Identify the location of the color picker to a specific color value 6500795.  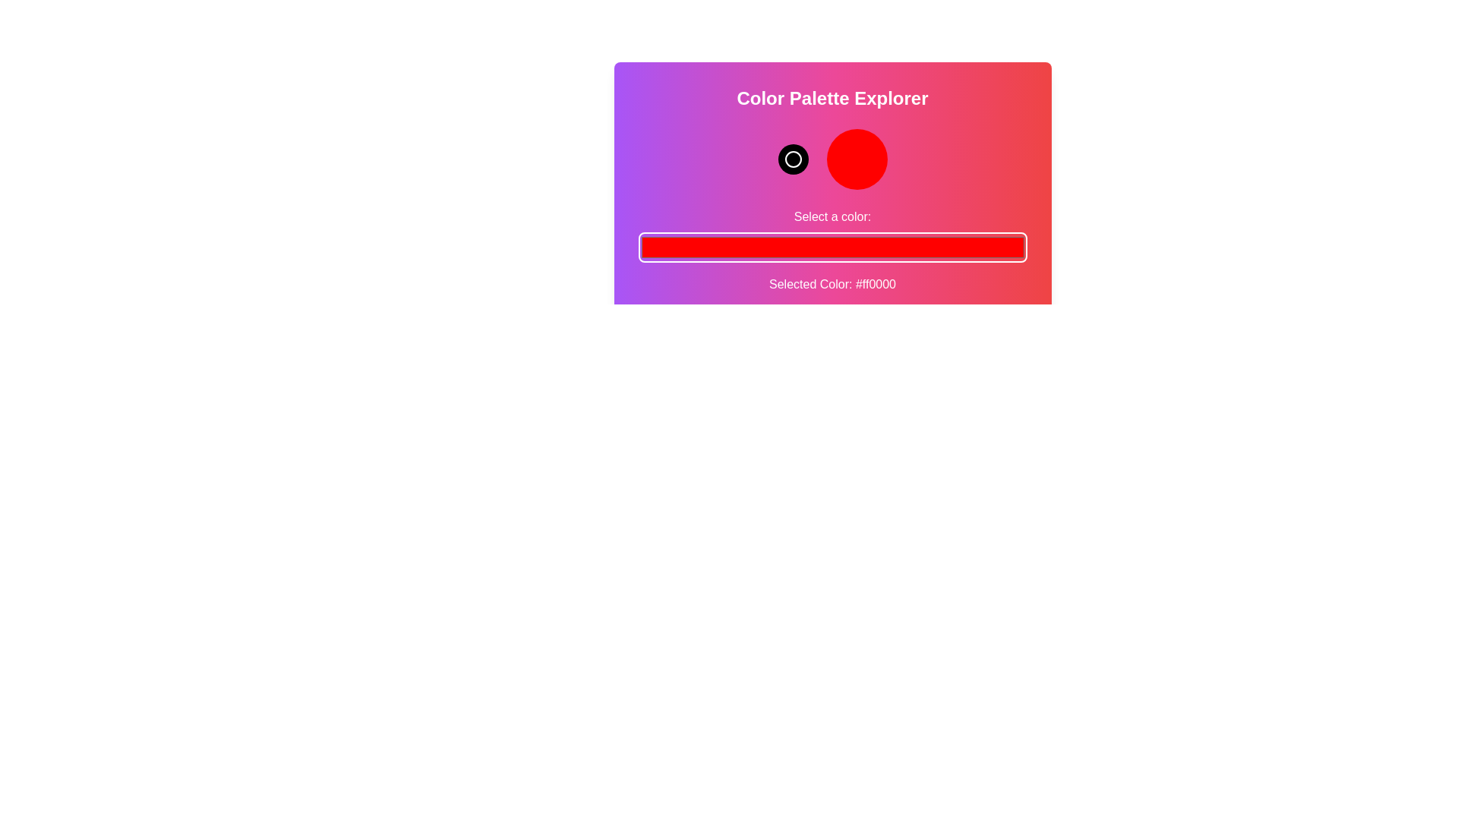
(832, 247).